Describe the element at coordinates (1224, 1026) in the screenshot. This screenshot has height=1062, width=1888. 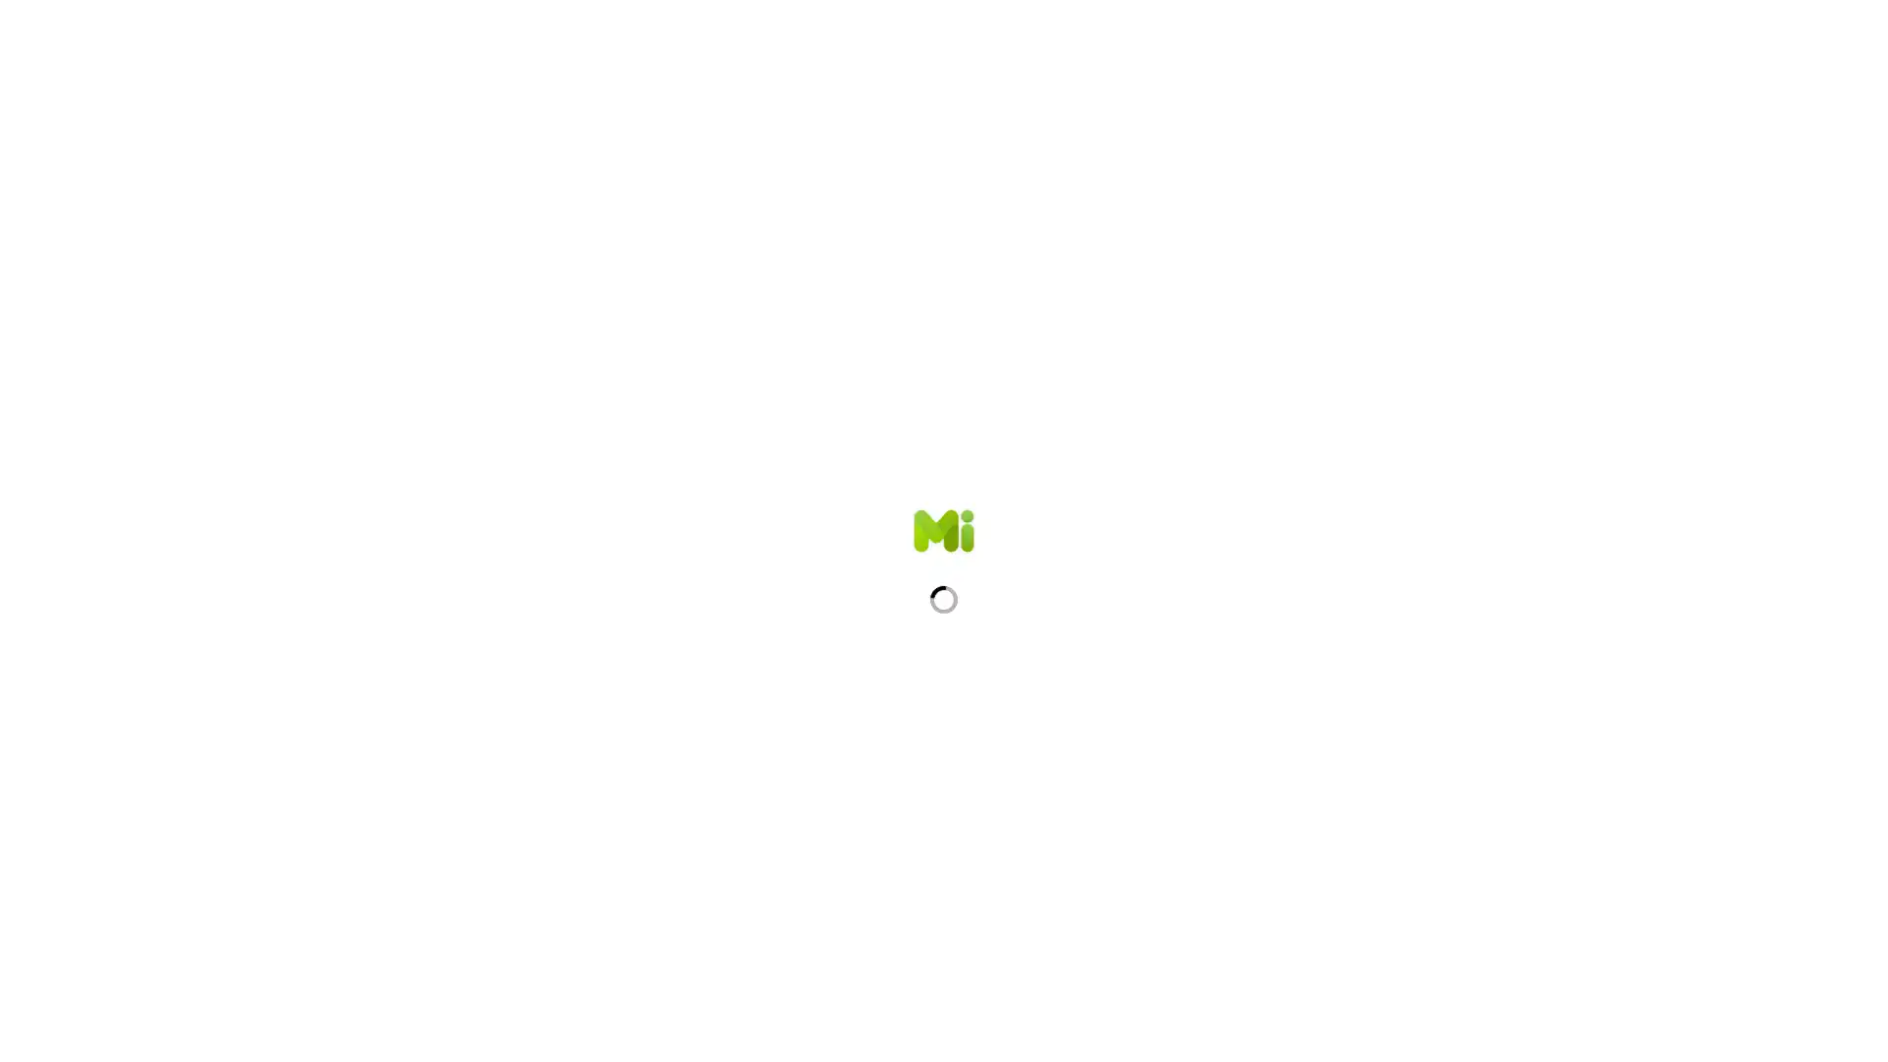
I see `Show more` at that location.